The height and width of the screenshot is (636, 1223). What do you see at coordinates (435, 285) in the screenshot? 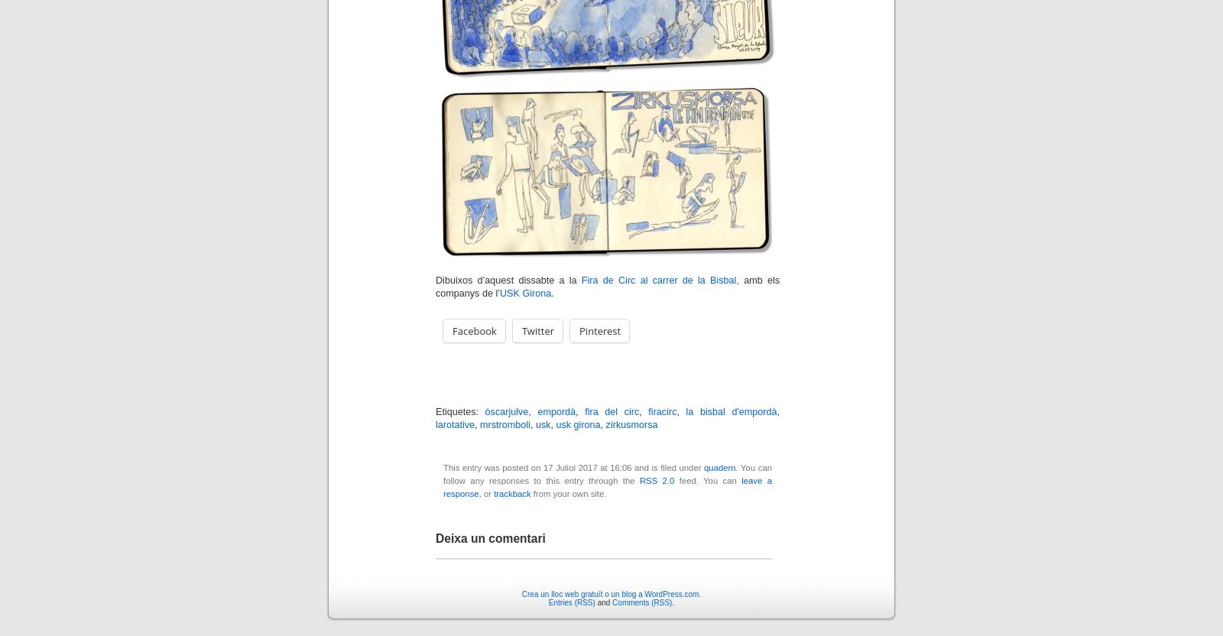
I see `'amb els companys de l’'` at bounding box center [435, 285].